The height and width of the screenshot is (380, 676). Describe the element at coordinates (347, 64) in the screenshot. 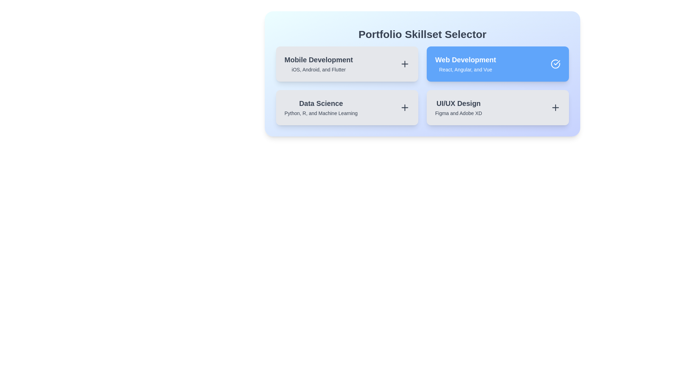

I see `the chip labeled Mobile Development` at that location.